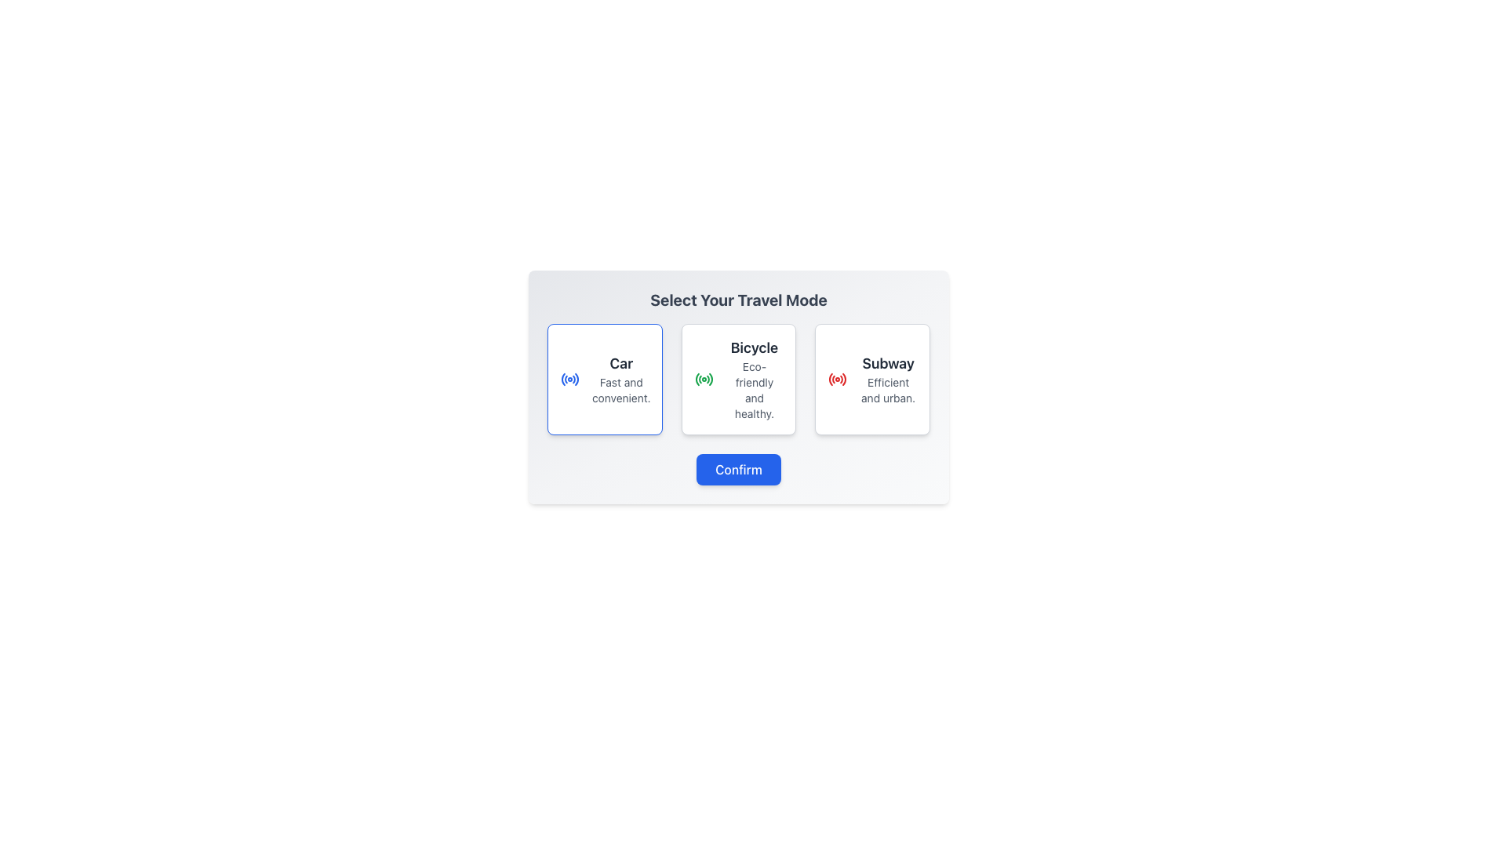 This screenshot has width=1506, height=847. What do you see at coordinates (620, 389) in the screenshot?
I see `the text label displaying 'Fast and convenient.' located at the bottom of the 'Car' card` at bounding box center [620, 389].